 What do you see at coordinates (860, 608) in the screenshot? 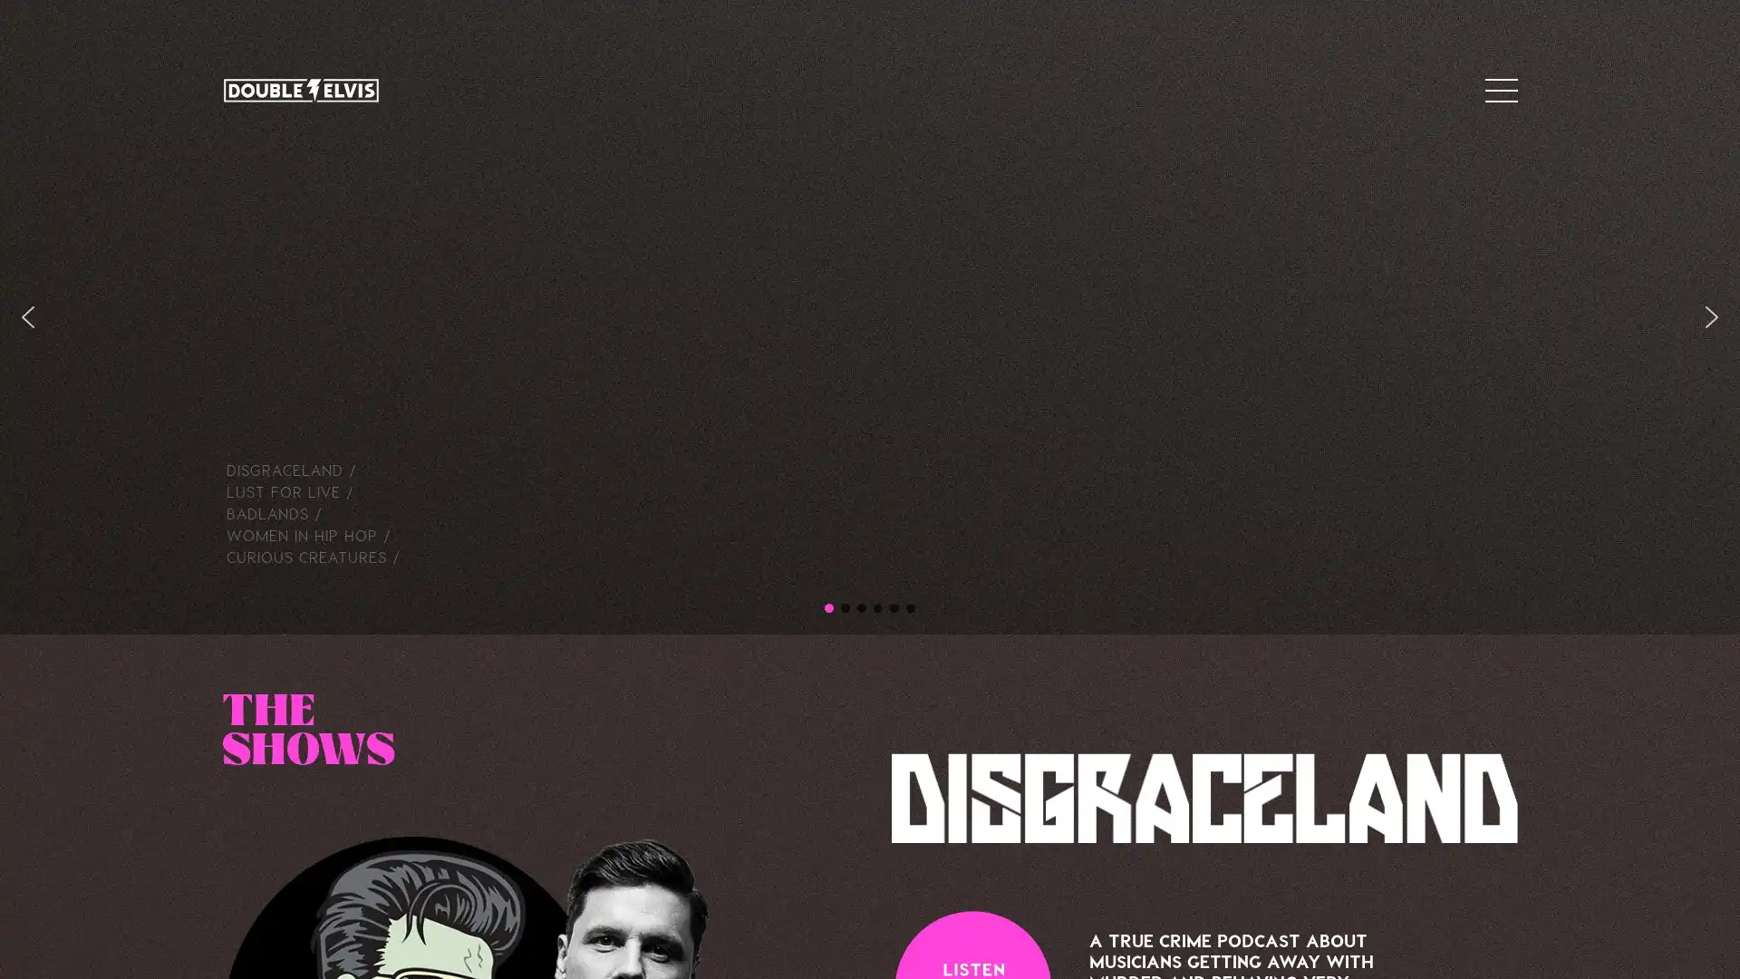
I see `Lust for Live hero` at bounding box center [860, 608].